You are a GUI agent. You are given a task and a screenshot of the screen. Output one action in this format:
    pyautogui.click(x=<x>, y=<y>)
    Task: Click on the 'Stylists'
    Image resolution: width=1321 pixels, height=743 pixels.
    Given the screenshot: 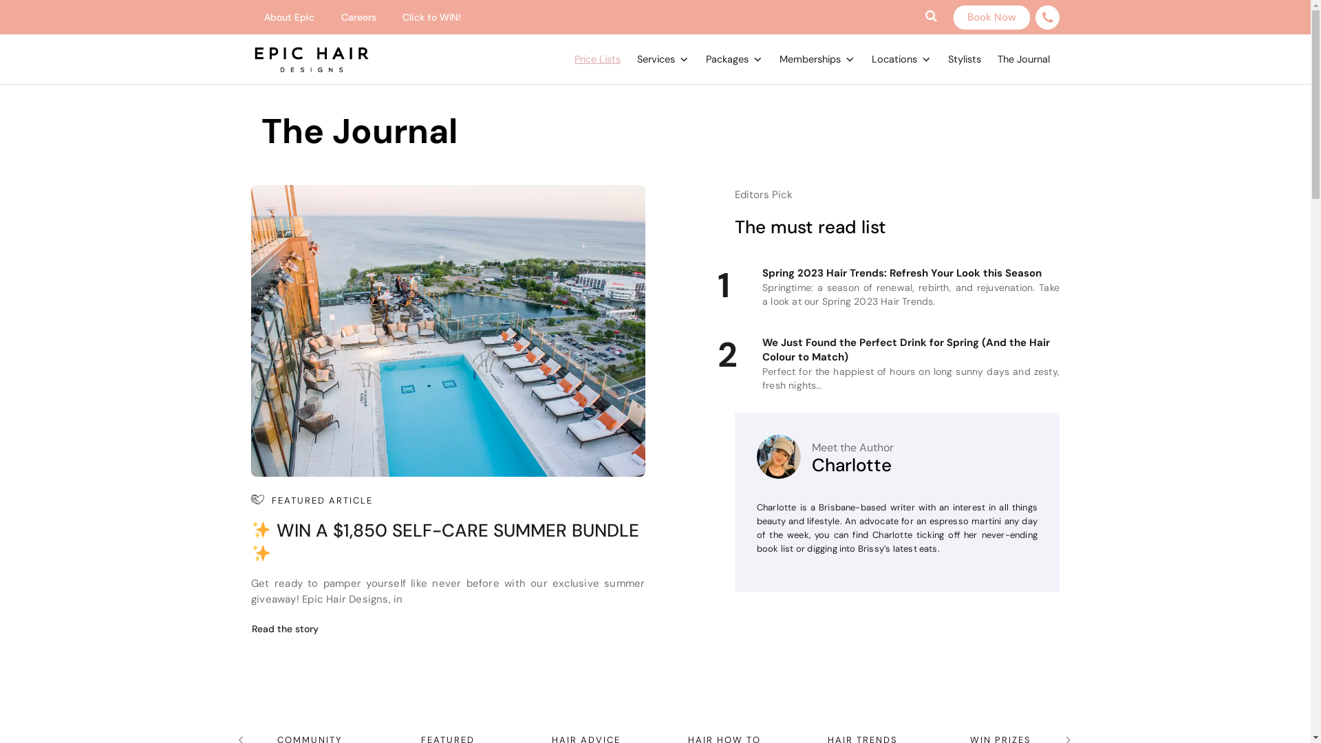 What is the action you would take?
    pyautogui.click(x=963, y=58)
    